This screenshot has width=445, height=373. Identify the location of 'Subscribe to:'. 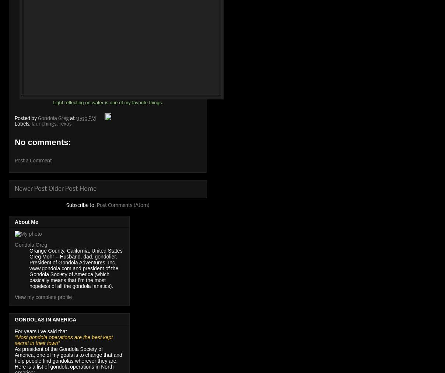
(66, 205).